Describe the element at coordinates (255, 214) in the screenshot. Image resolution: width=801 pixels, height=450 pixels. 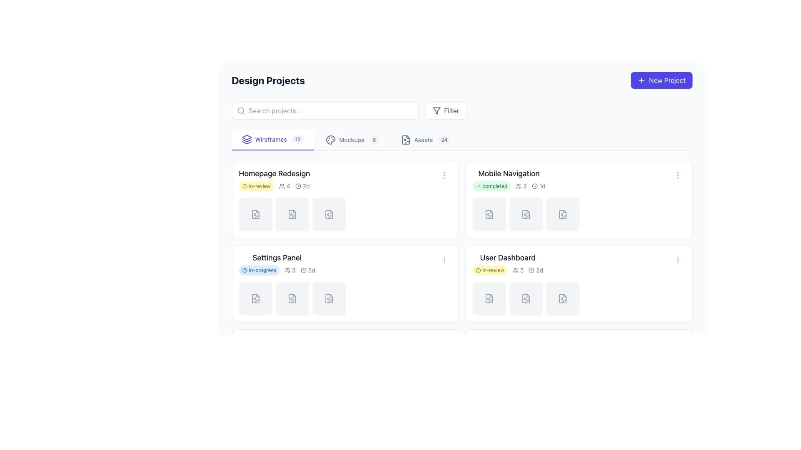
I see `the document icon that is part of the first icon from the left under the 'Homepage Redesign' section in the 'Wireframes' tab` at that location.